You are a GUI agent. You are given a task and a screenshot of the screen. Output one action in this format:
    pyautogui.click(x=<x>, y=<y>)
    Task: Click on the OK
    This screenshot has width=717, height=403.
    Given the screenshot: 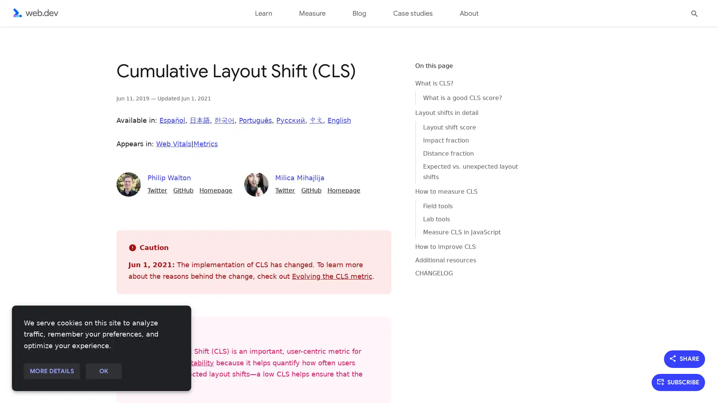 What is the action you would take?
    pyautogui.click(x=103, y=371)
    